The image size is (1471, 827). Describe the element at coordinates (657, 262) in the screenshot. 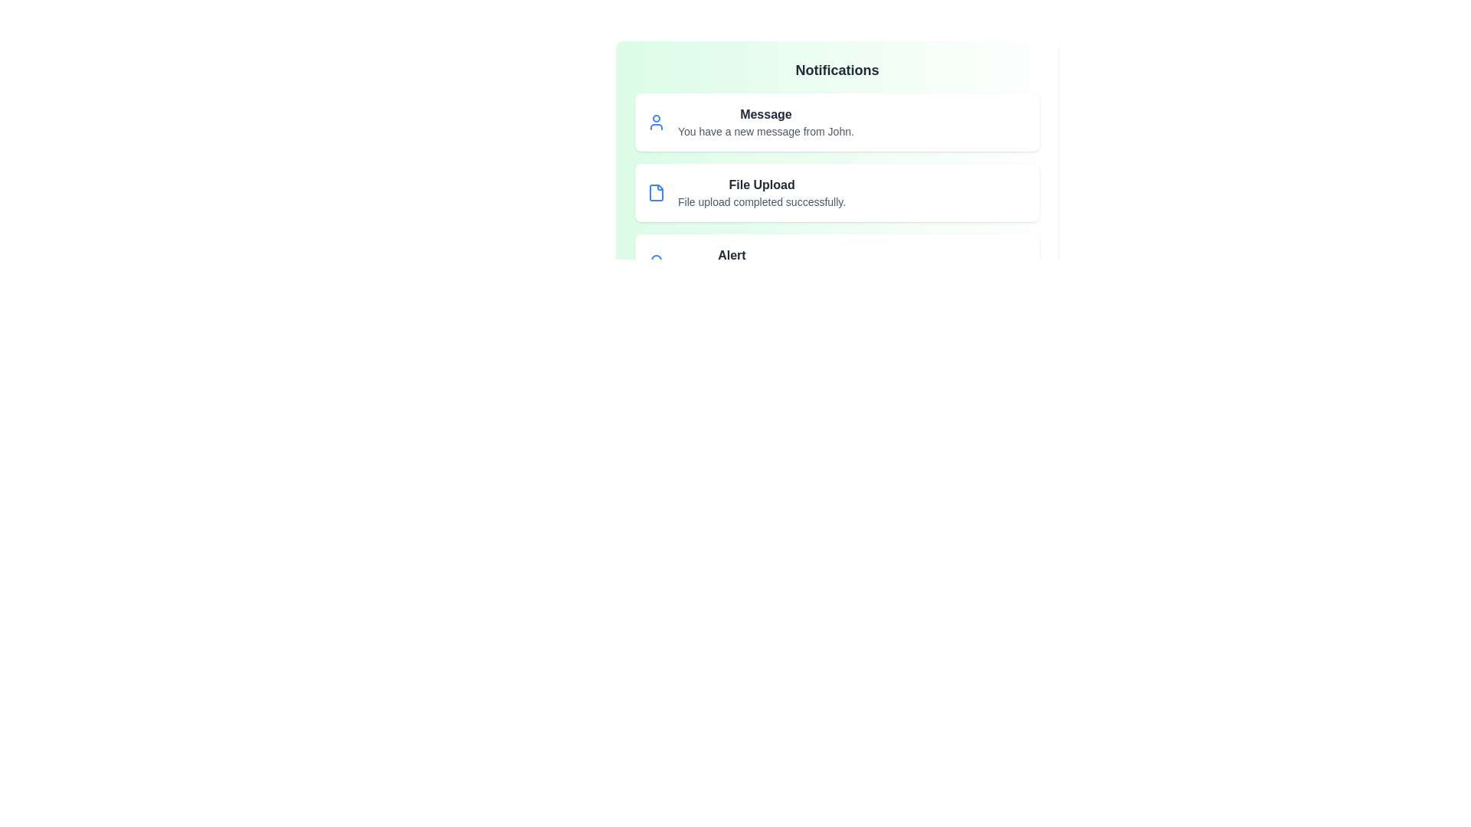

I see `the notification icon for Alert` at that location.